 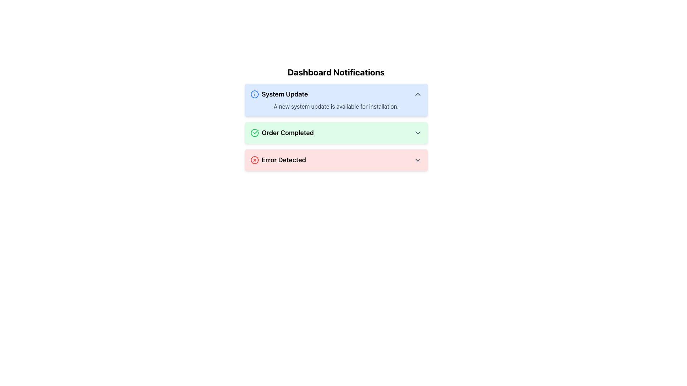 What do you see at coordinates (256, 132) in the screenshot?
I see `the green checkmark icon located within the second notification card labeled 'Order Completed', positioned centrally inside the green-tinted area to the left of the text` at bounding box center [256, 132].